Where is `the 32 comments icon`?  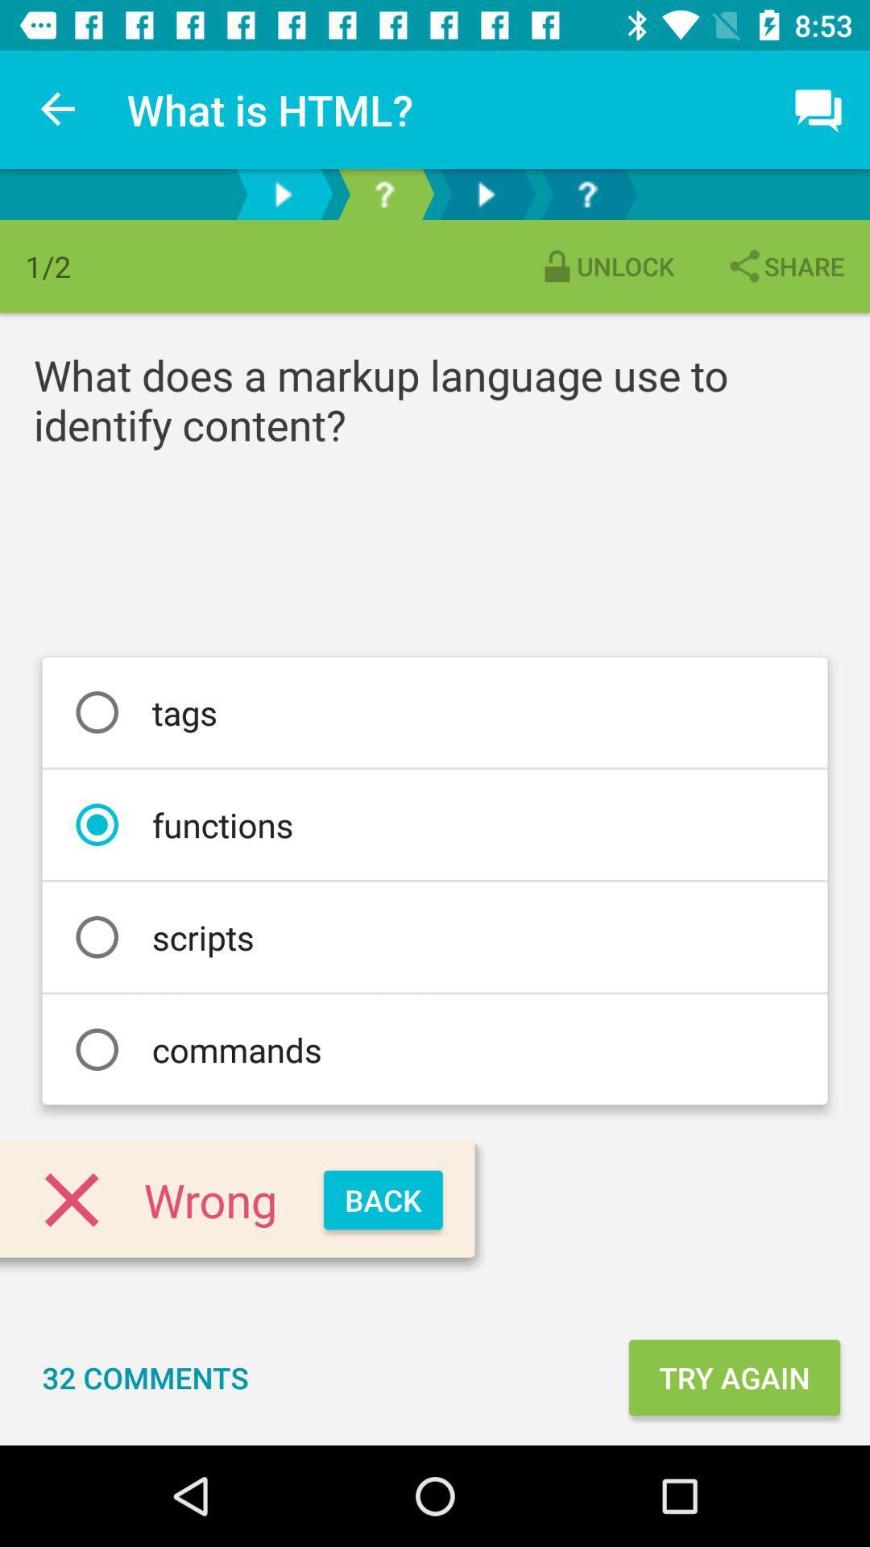
the 32 comments icon is located at coordinates (145, 1376).